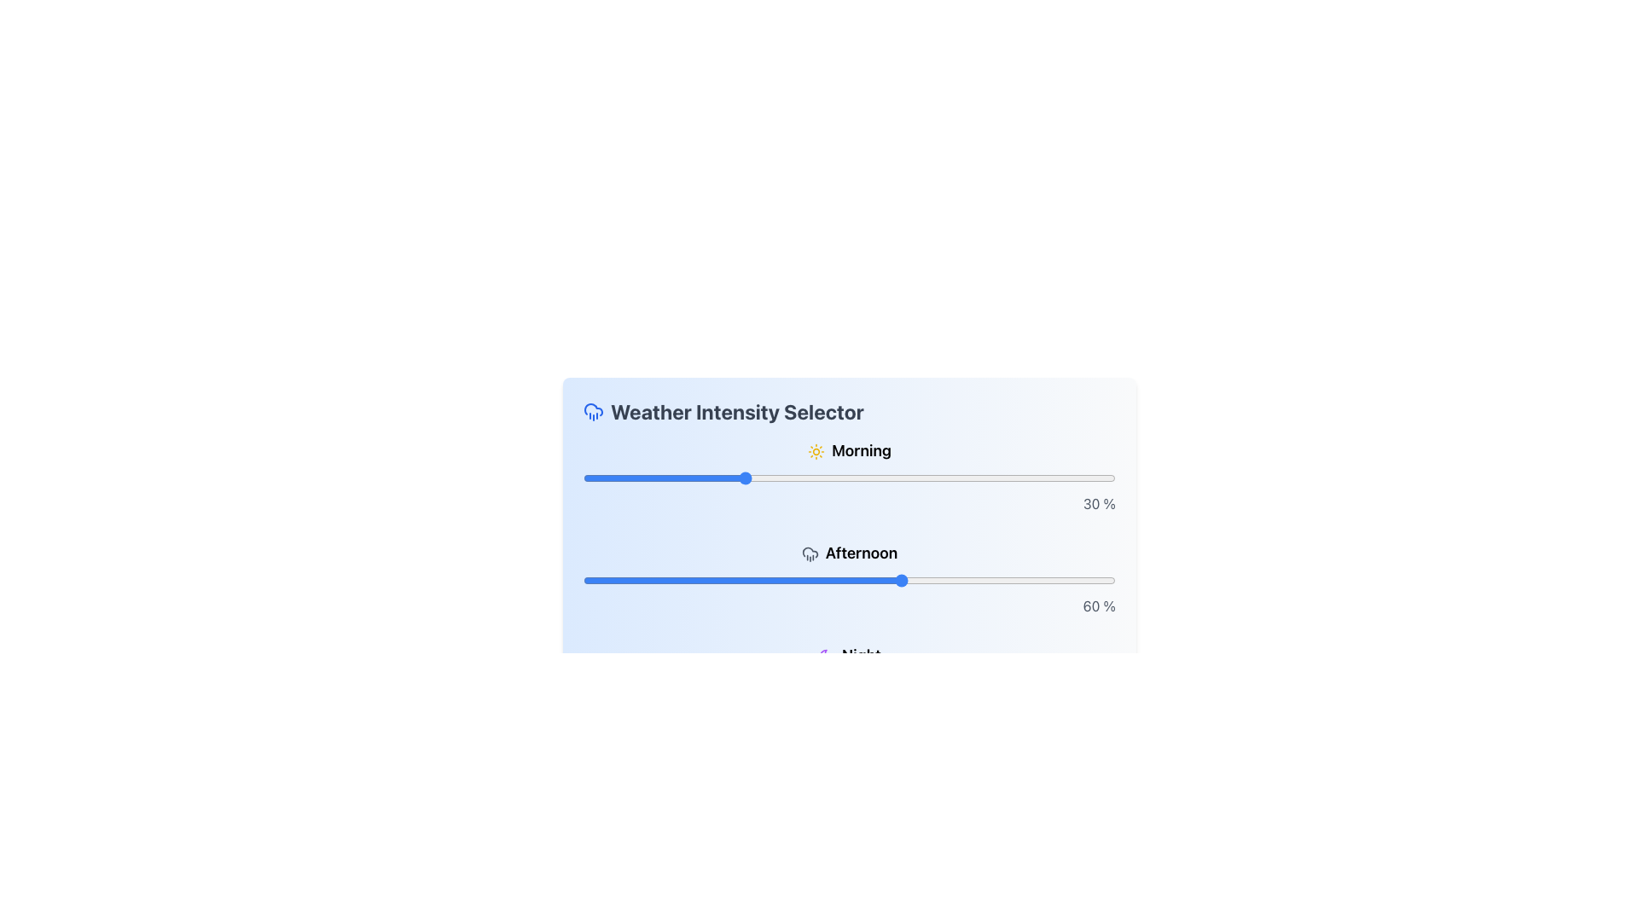  What do you see at coordinates (764, 478) in the screenshot?
I see `the morning weather intensity` at bounding box center [764, 478].